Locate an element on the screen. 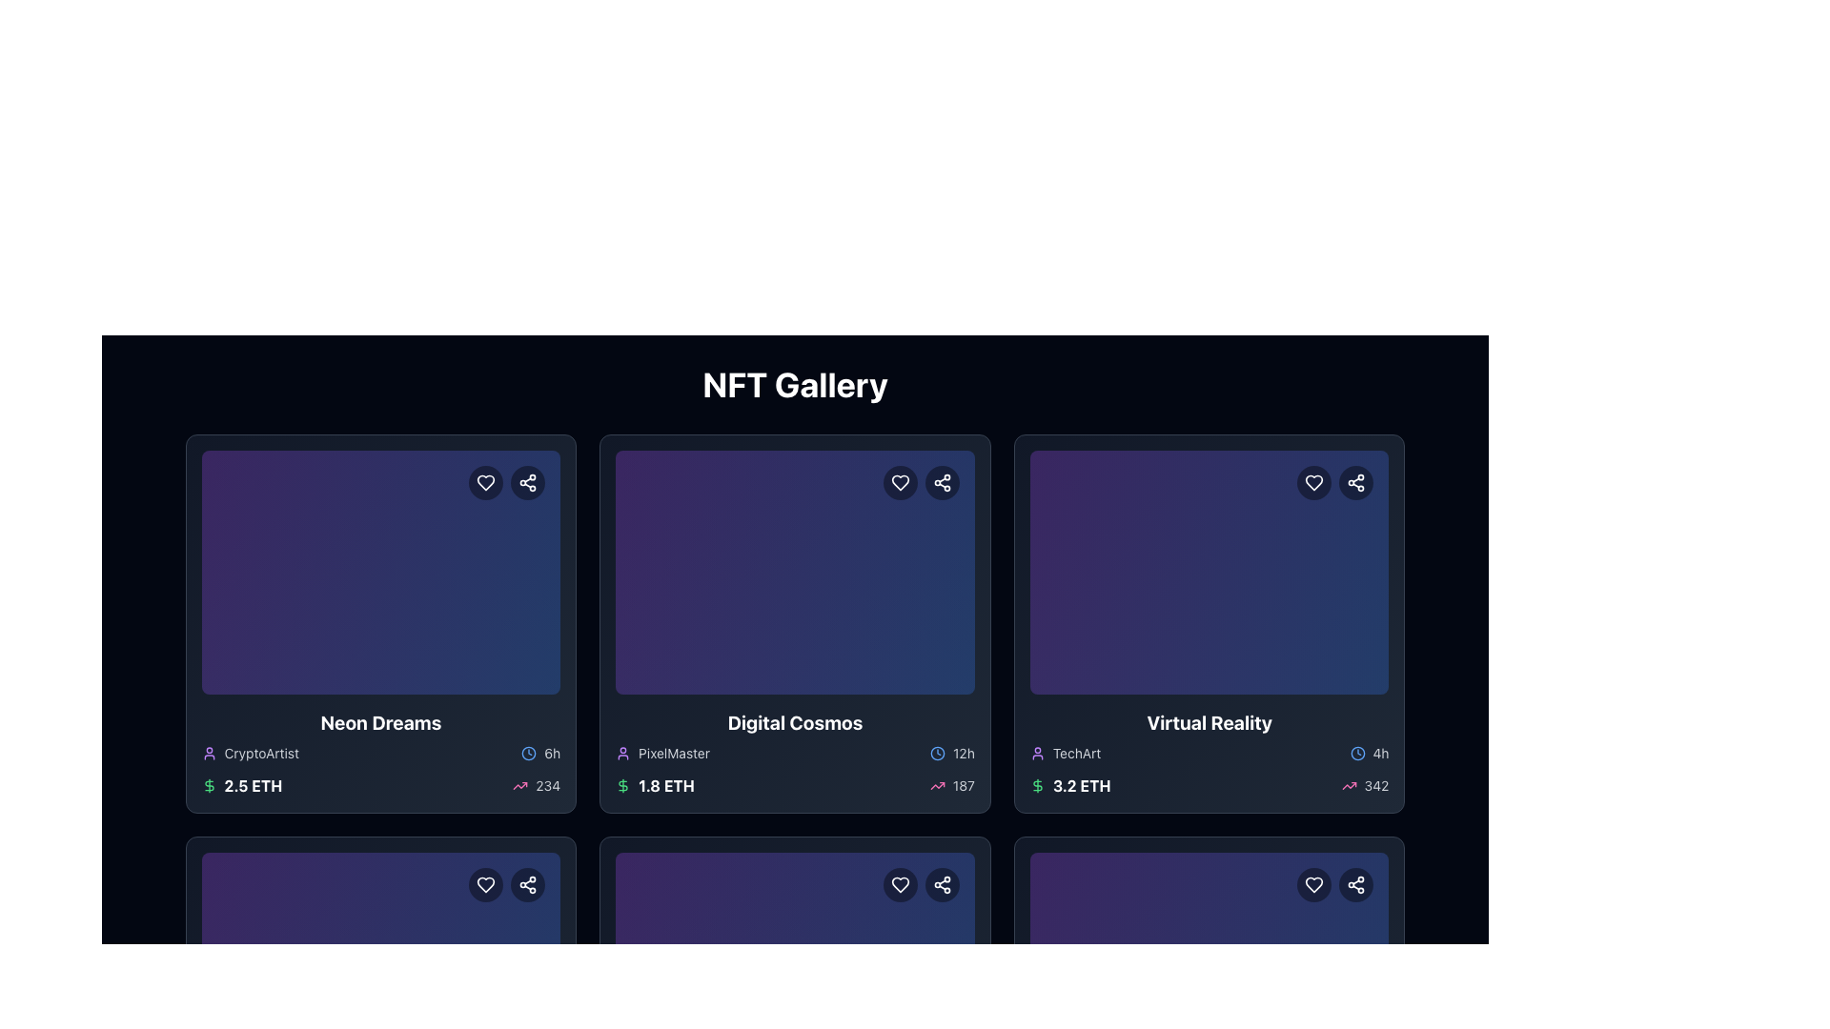 The height and width of the screenshot is (1029, 1830). the heart button in the interactive button group to favorite the content, located at the top-right corner of the card-like section is located at coordinates (921, 885).